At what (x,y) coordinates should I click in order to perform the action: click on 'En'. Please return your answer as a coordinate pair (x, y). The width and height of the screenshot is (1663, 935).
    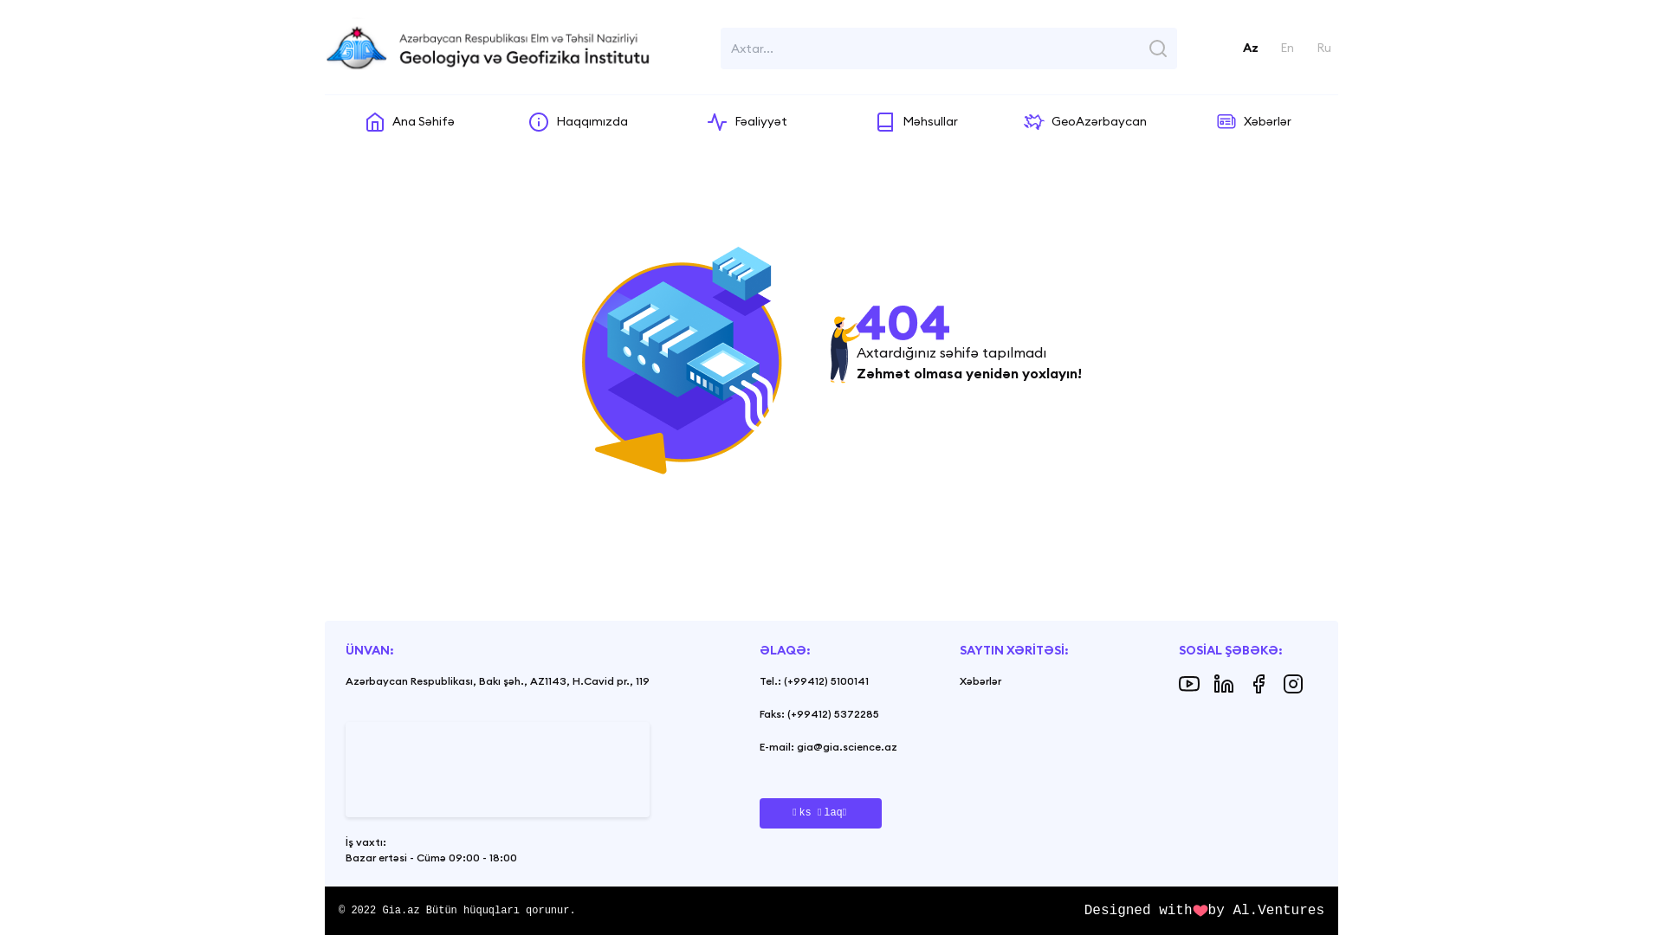
    Looking at the image, I should click on (1287, 47).